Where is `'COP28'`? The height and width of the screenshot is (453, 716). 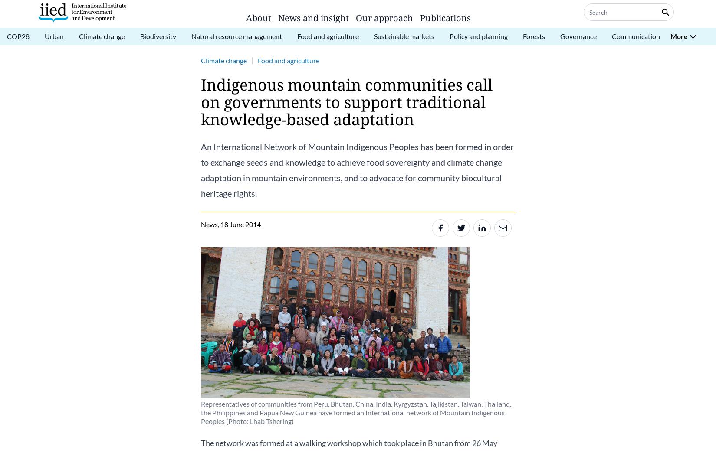
'COP28' is located at coordinates (18, 36).